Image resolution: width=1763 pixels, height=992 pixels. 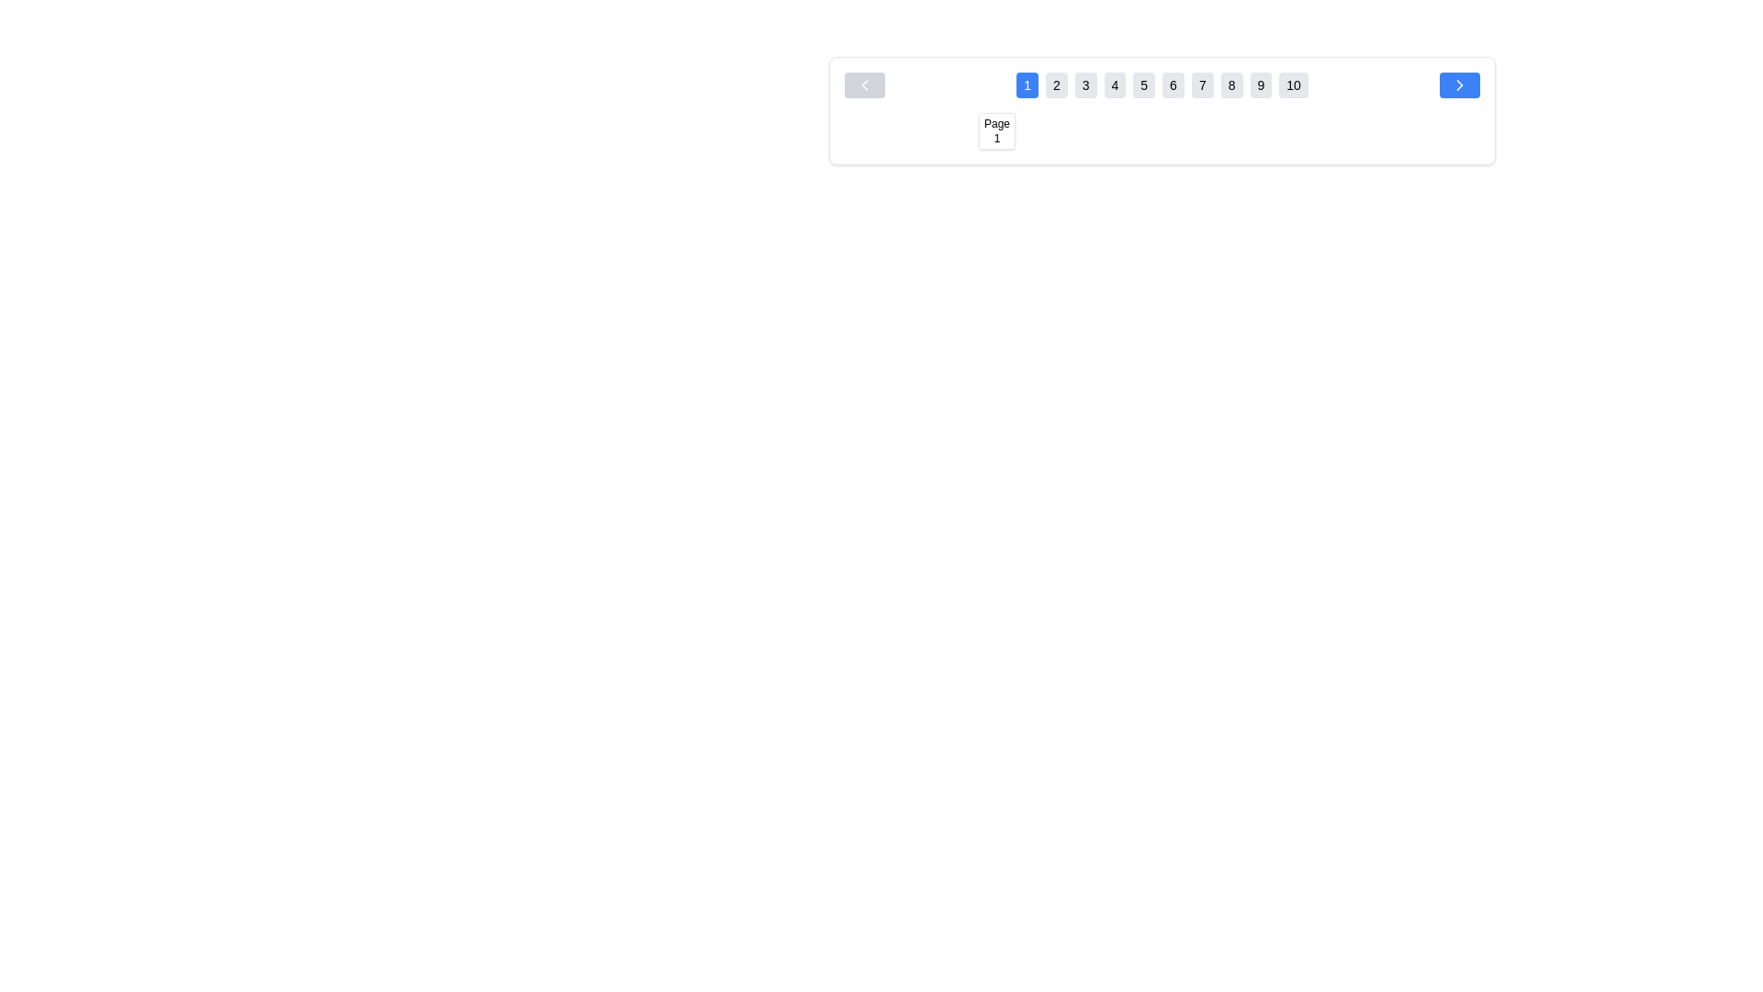 I want to click on the small, rounded square button labeled '5' in the pagination panel, so click(x=1143, y=130).